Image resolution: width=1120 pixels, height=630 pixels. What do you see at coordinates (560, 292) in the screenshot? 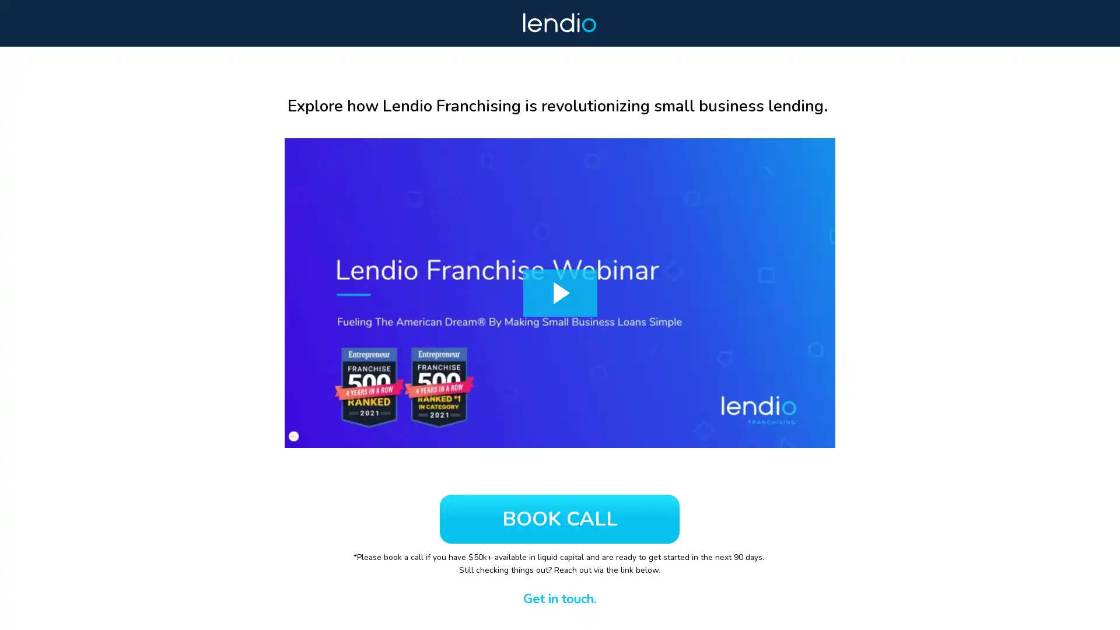
I see `Play` at bounding box center [560, 292].